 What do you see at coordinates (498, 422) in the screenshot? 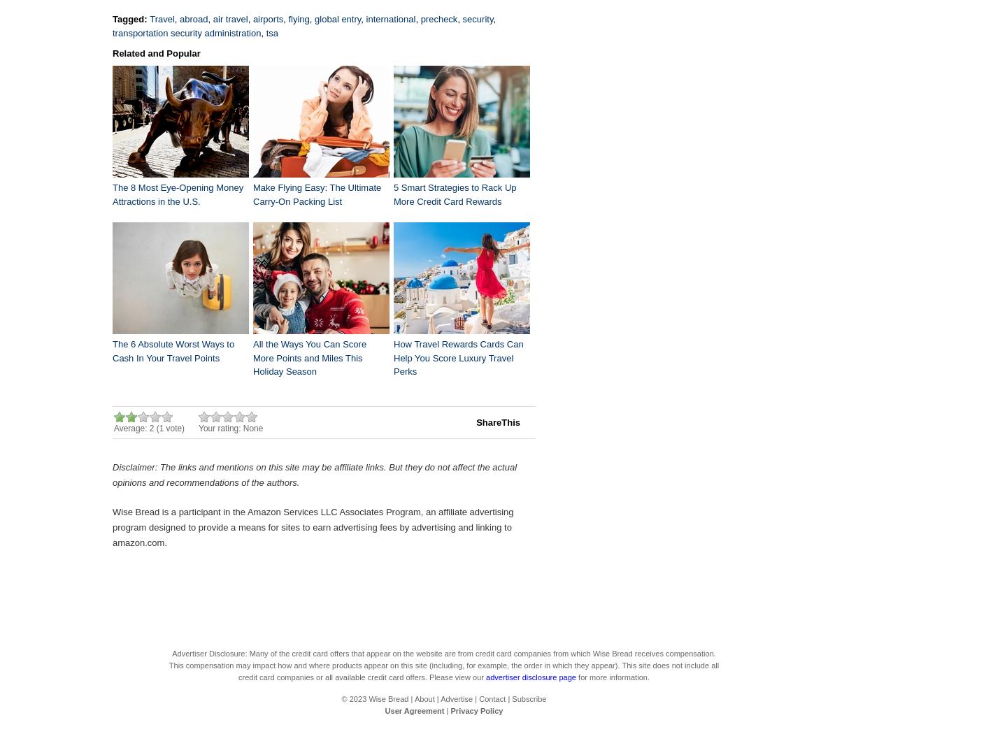
I see `'ShareThis'` at bounding box center [498, 422].